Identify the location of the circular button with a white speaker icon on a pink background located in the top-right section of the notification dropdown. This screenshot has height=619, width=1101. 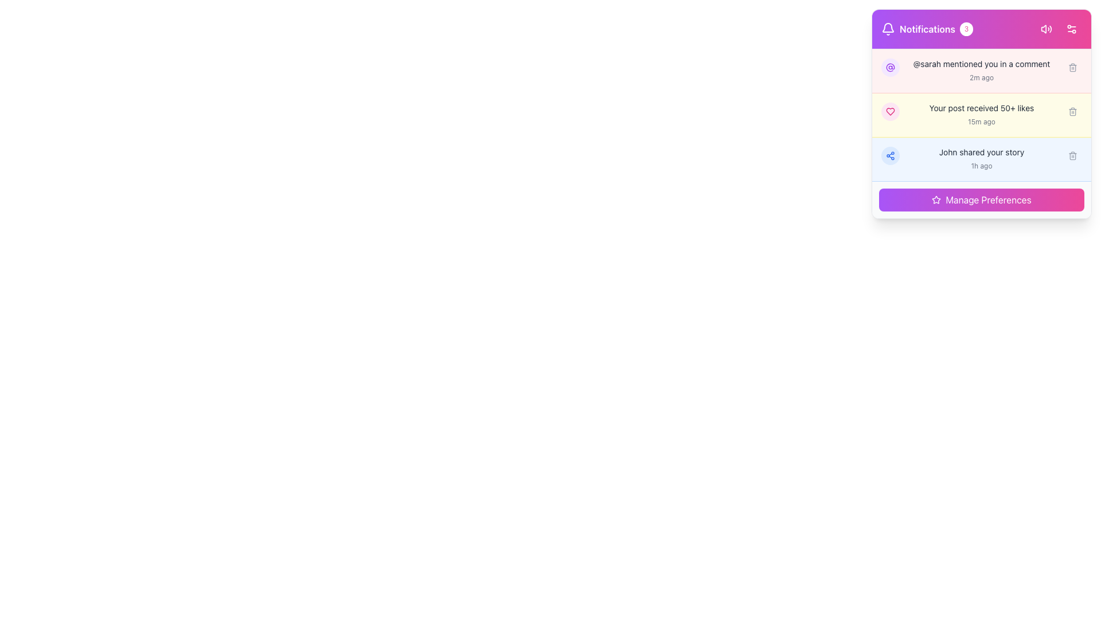
(1046, 28).